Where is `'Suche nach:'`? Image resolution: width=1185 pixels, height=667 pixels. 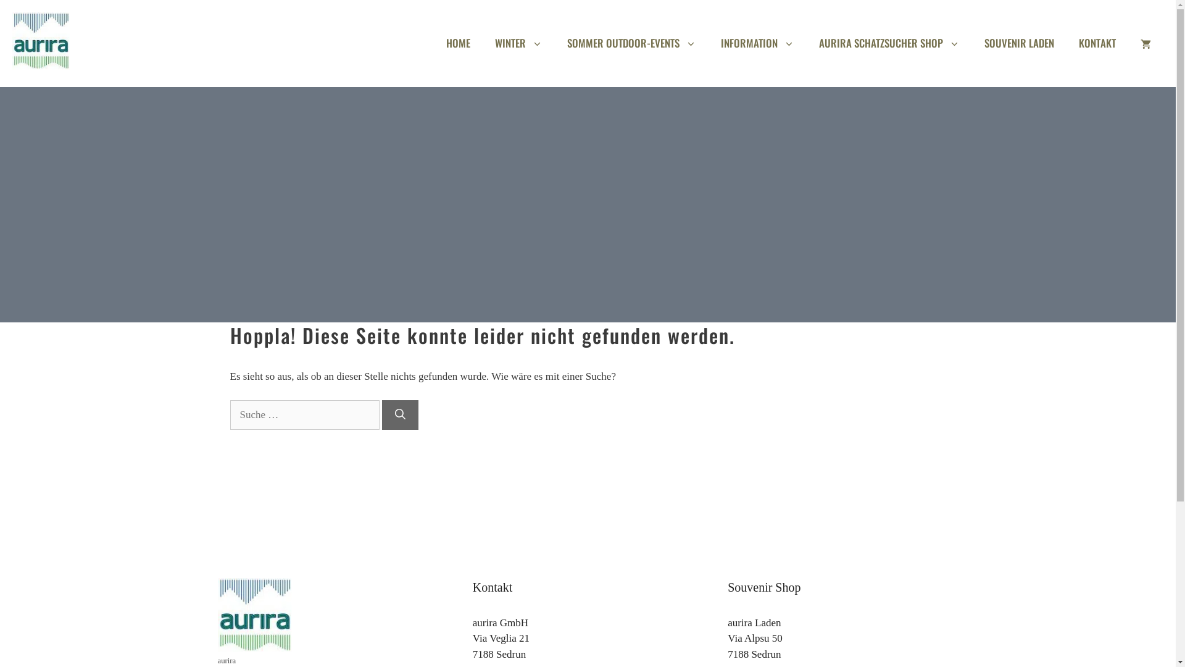 'Suche nach:' is located at coordinates (304, 414).